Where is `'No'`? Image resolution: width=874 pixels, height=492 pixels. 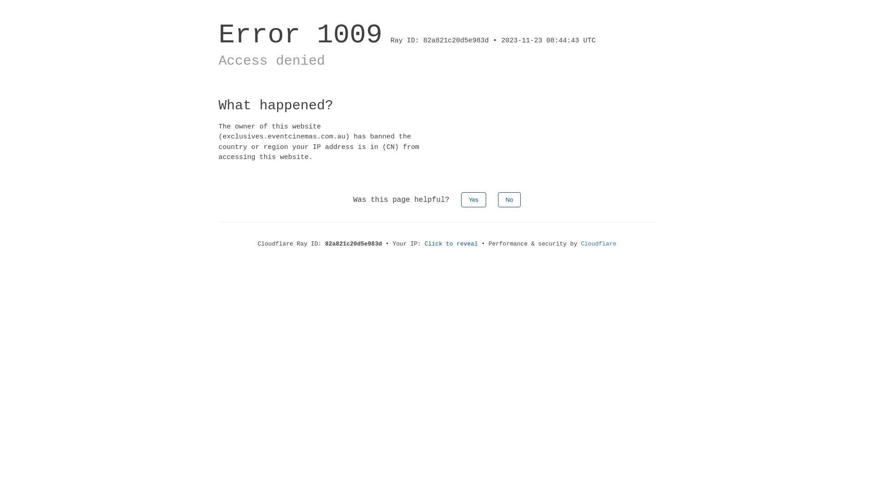
'No' is located at coordinates (509, 199).